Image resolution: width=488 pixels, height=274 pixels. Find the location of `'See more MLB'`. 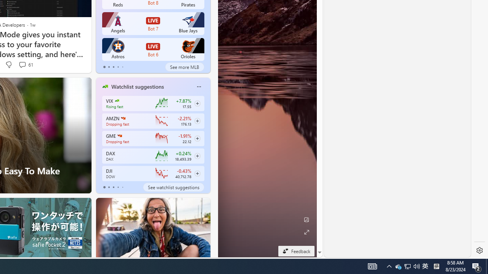

'See more MLB' is located at coordinates (185, 67).